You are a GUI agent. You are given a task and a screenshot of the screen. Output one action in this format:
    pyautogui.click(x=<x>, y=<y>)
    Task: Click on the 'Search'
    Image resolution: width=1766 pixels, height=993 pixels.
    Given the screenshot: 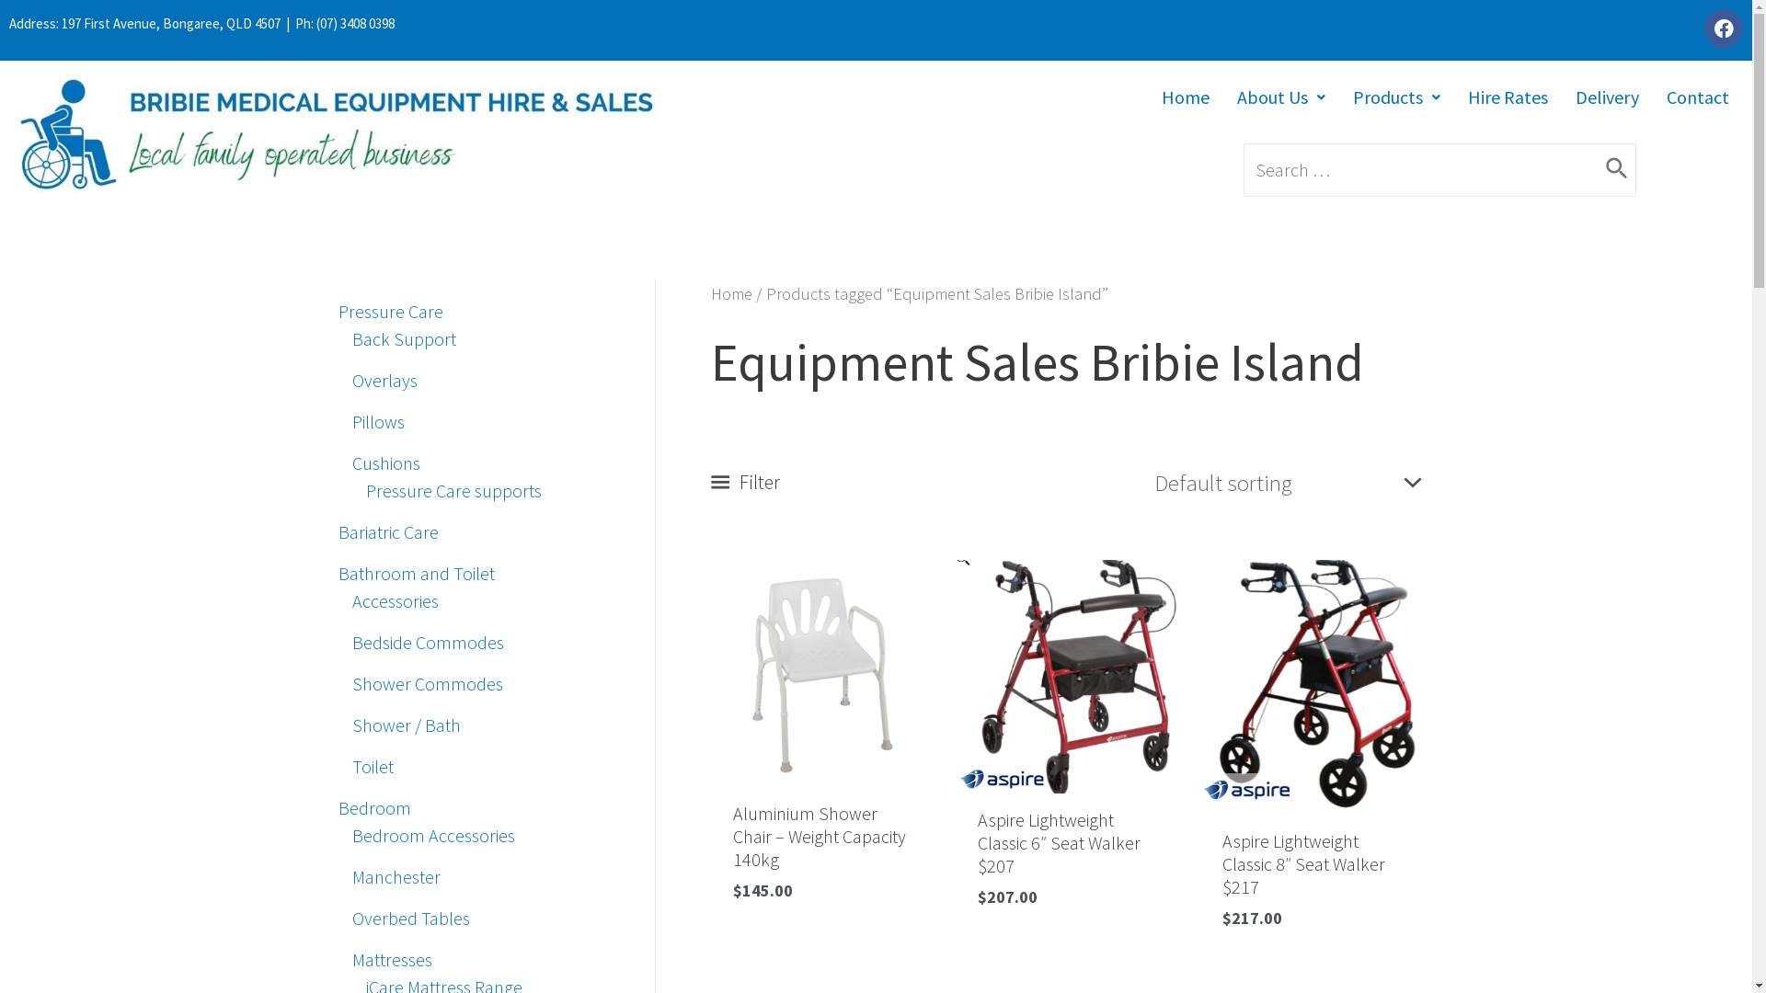 What is the action you would take?
    pyautogui.click(x=1605, y=170)
    